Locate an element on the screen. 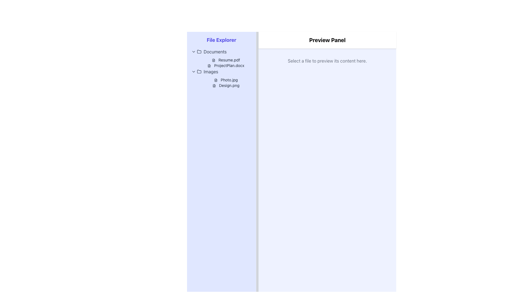 Image resolution: width=532 pixels, height=299 pixels. the 'Documents' toggleable folder item in the 'File Explorer' section is located at coordinates (221, 51).